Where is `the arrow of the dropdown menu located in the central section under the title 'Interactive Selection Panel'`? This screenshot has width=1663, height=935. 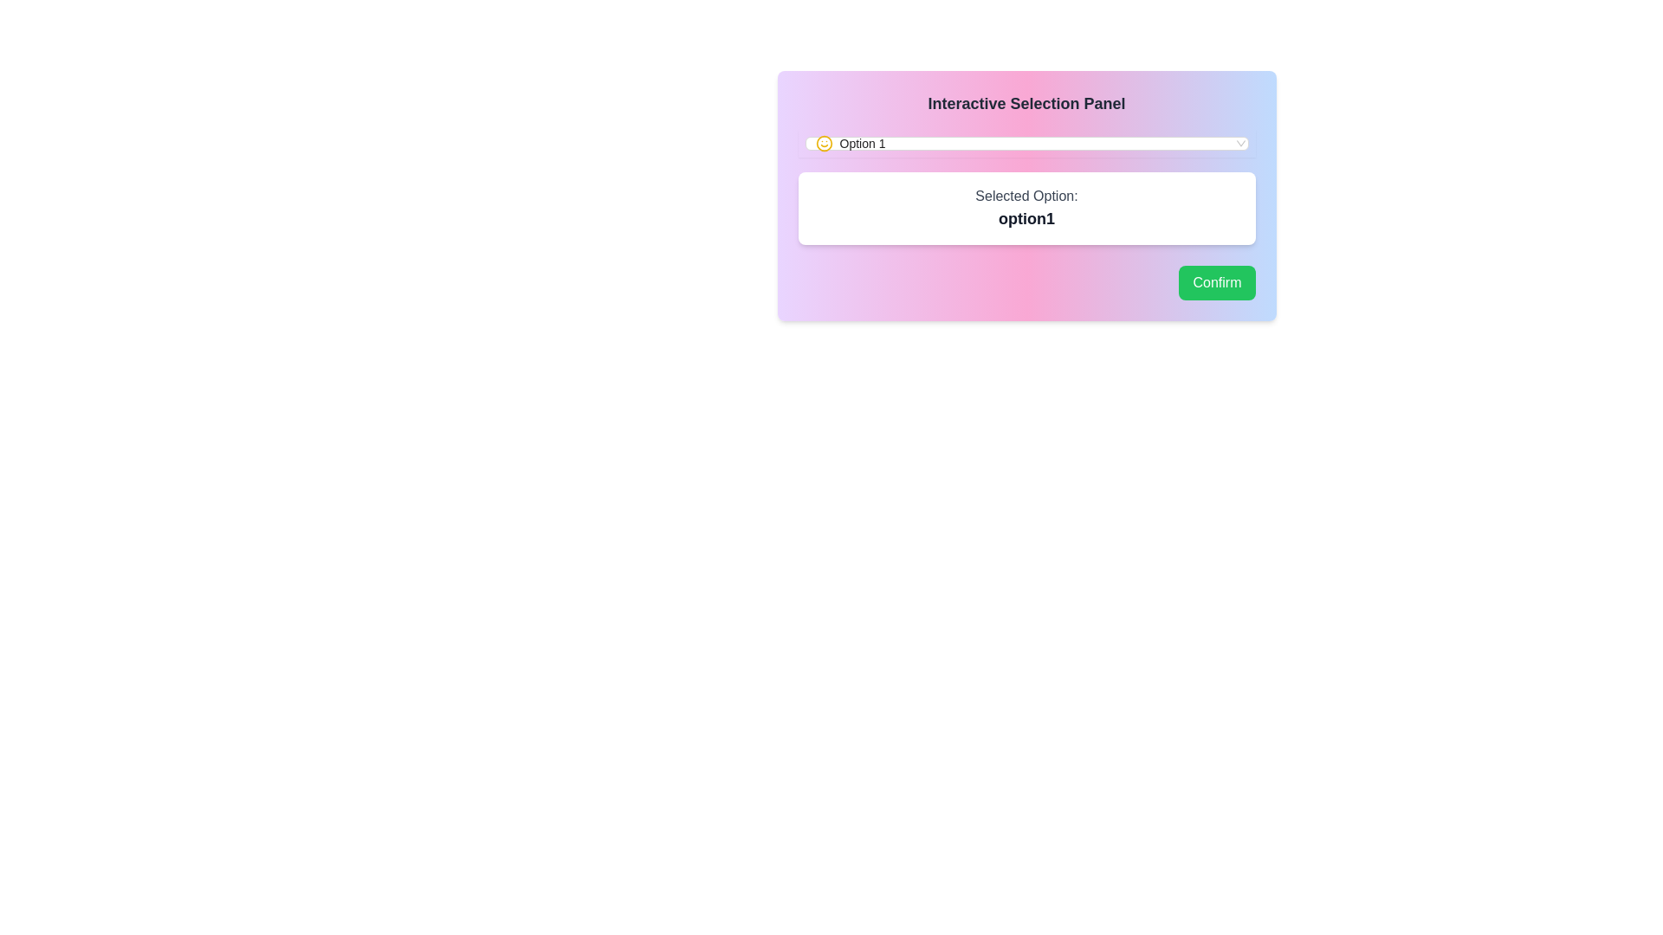 the arrow of the dropdown menu located in the central section under the title 'Interactive Selection Panel' is located at coordinates (1026, 142).